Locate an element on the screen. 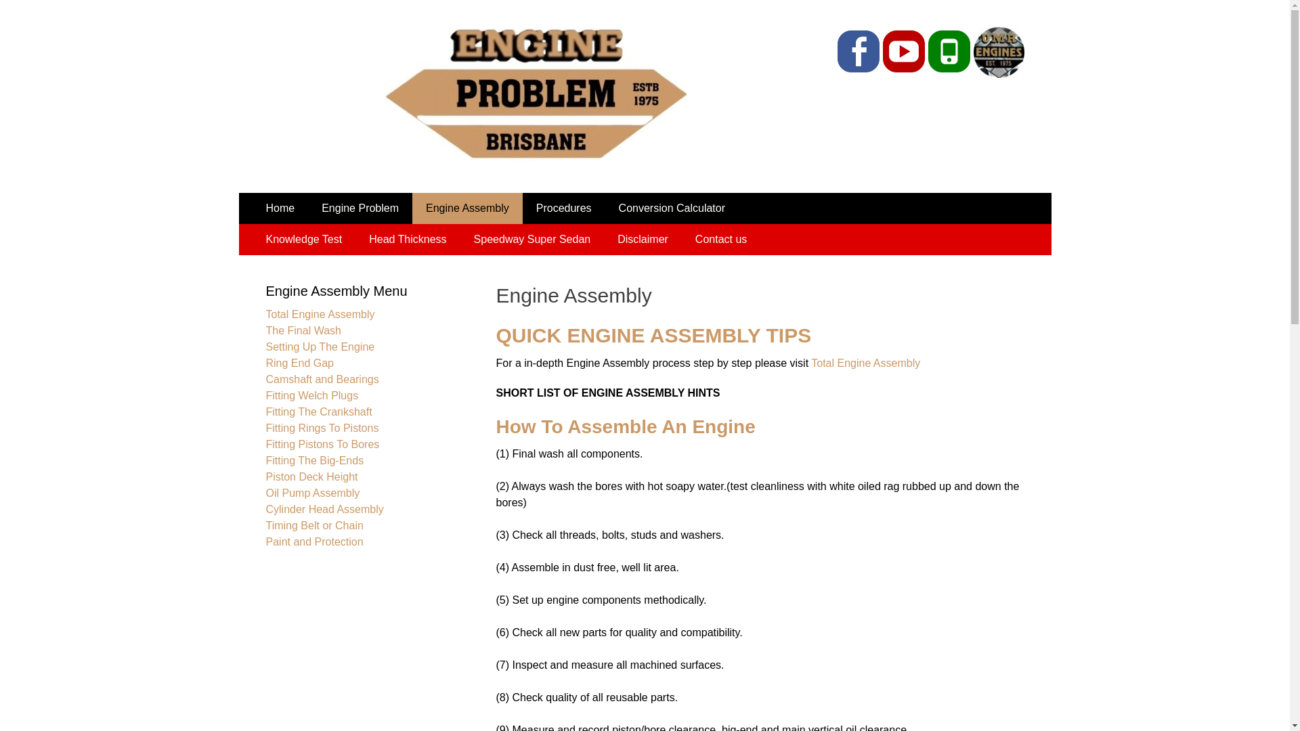  'Phone' is located at coordinates (948, 51).